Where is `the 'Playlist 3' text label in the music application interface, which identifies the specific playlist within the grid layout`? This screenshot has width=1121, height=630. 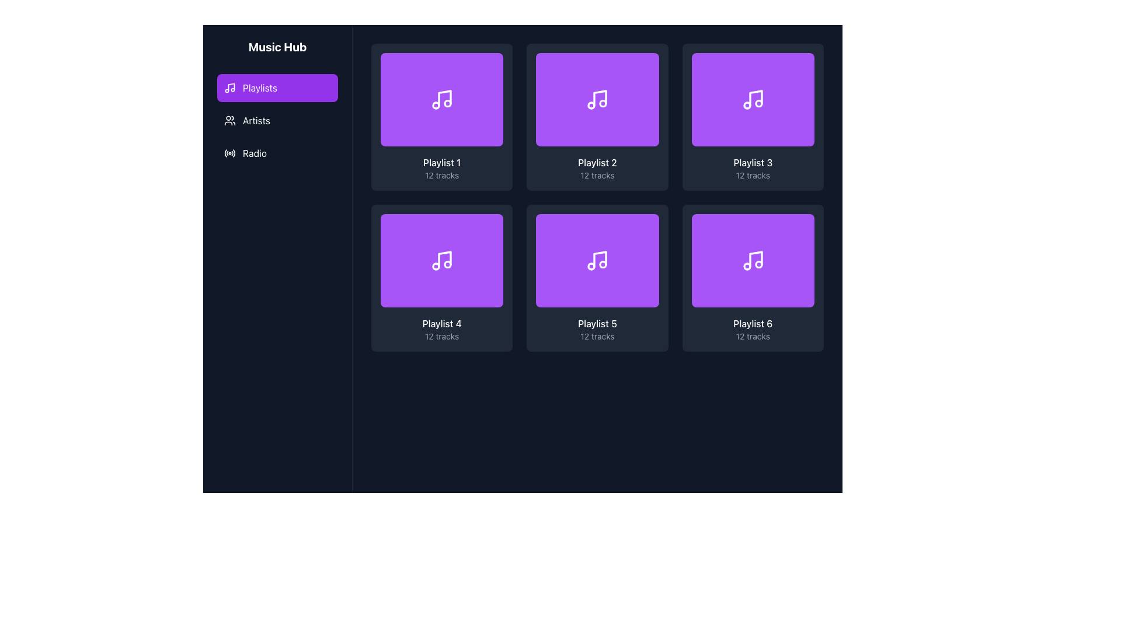 the 'Playlist 3' text label in the music application interface, which identifies the specific playlist within the grid layout is located at coordinates (753, 162).